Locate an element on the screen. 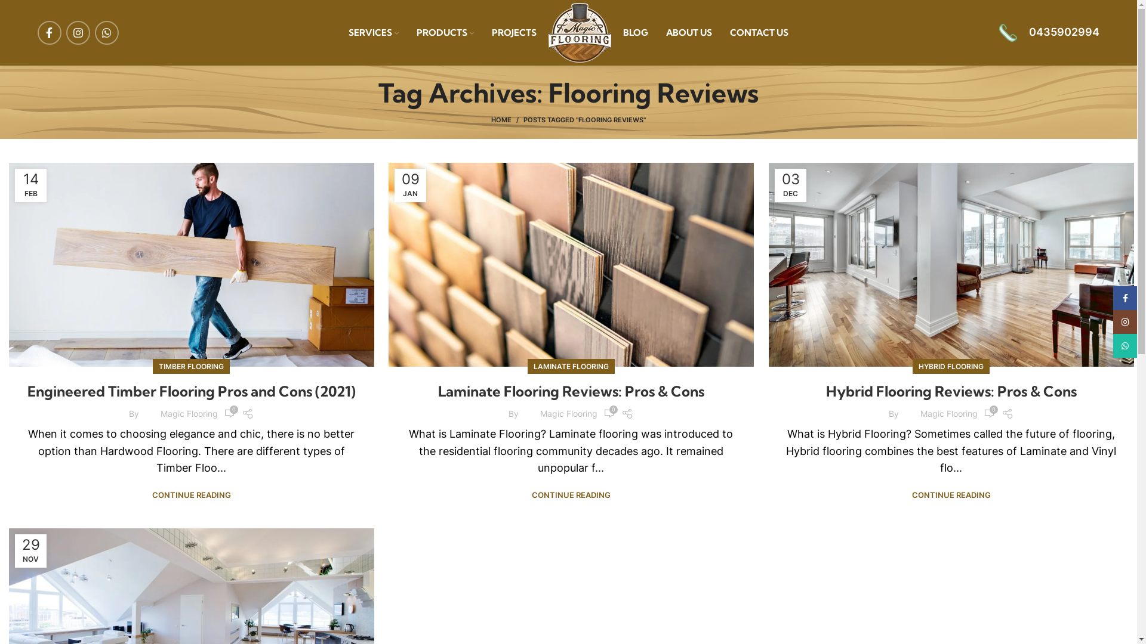  'LAMINATE FLOORING' is located at coordinates (532, 366).